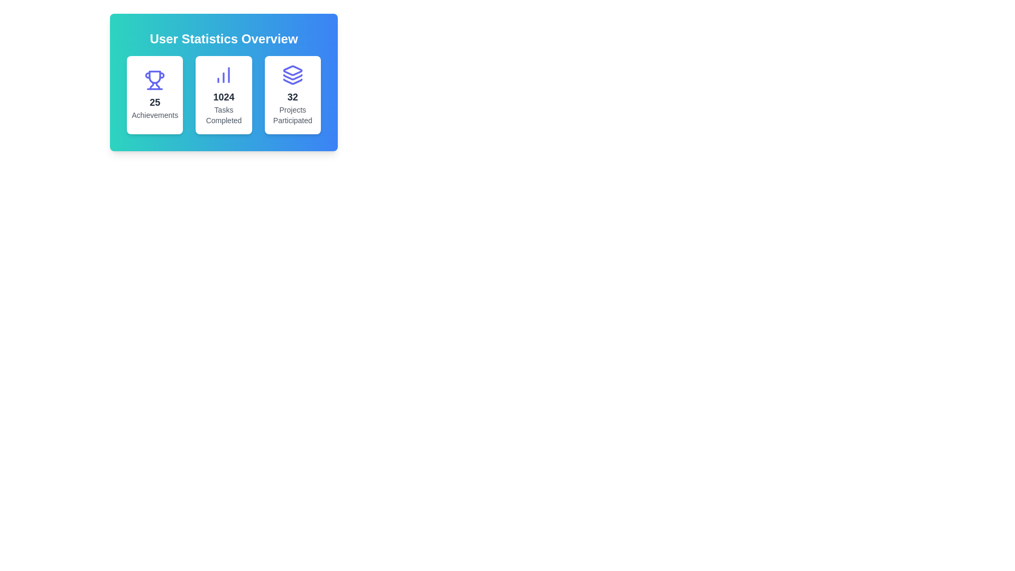  Describe the element at coordinates (154, 115) in the screenshot. I see `the label that describes the numerical figure '25', which is located beneath the trophy icon in the User Statistics Overview module` at that location.